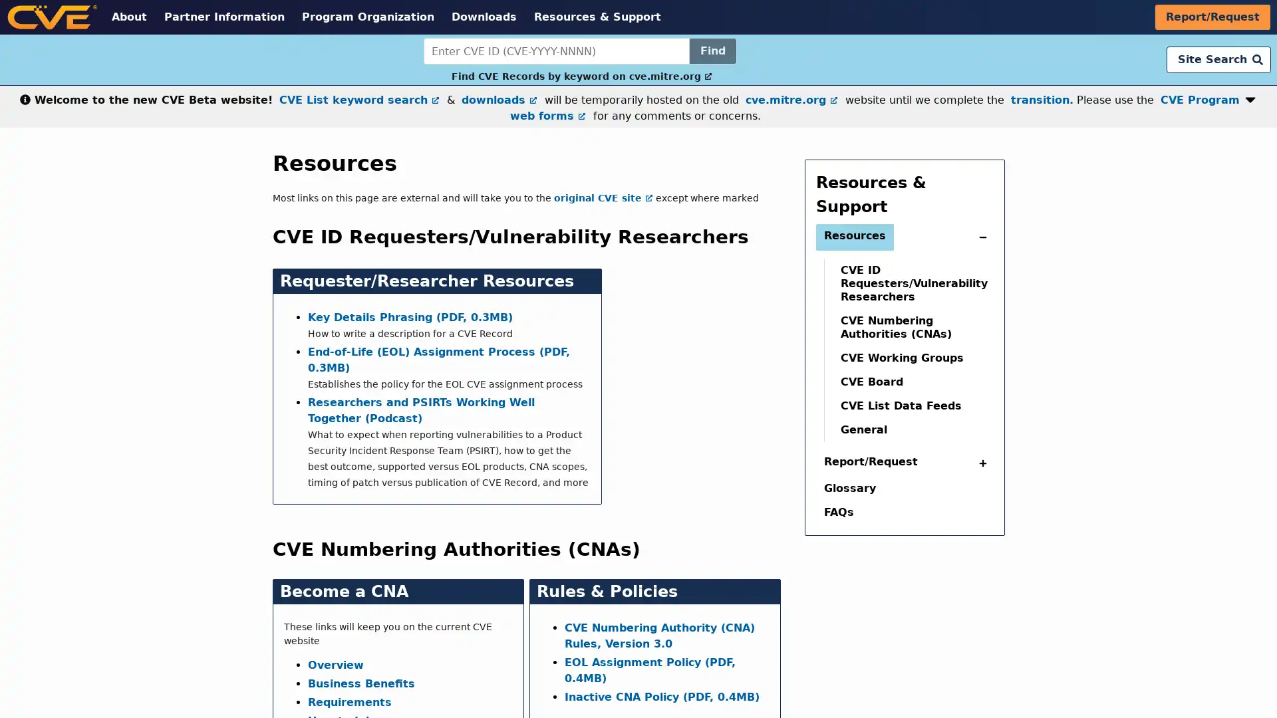 The height and width of the screenshot is (718, 1277). What do you see at coordinates (980, 463) in the screenshot?
I see `collapse` at bounding box center [980, 463].